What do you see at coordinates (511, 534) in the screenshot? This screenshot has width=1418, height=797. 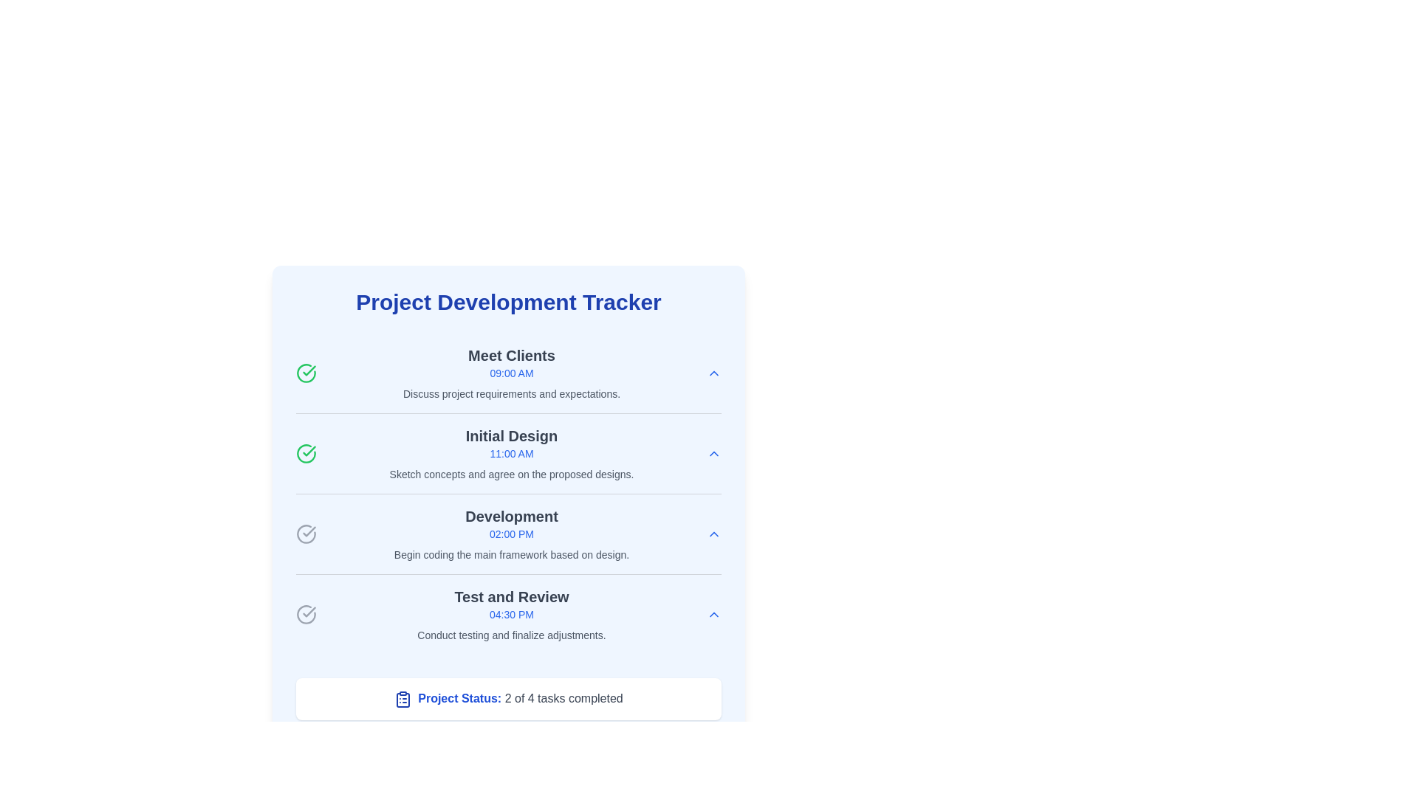 I see `the time text '02:00 PM' displayed in blue font, which is located under the 'Development' title in the project tracker` at bounding box center [511, 534].